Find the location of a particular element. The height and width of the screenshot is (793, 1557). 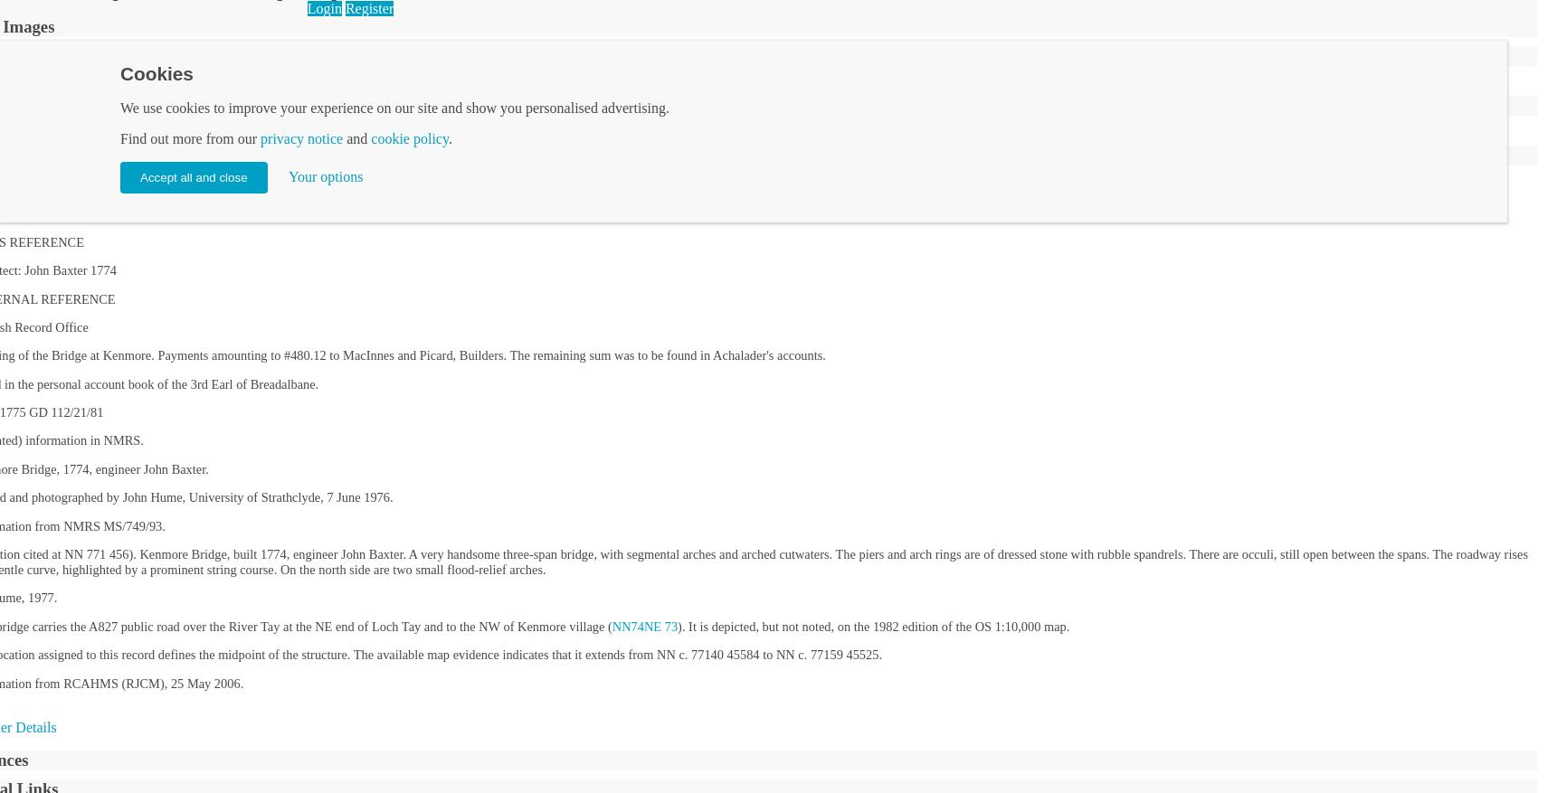

'and' is located at coordinates (356, 138).